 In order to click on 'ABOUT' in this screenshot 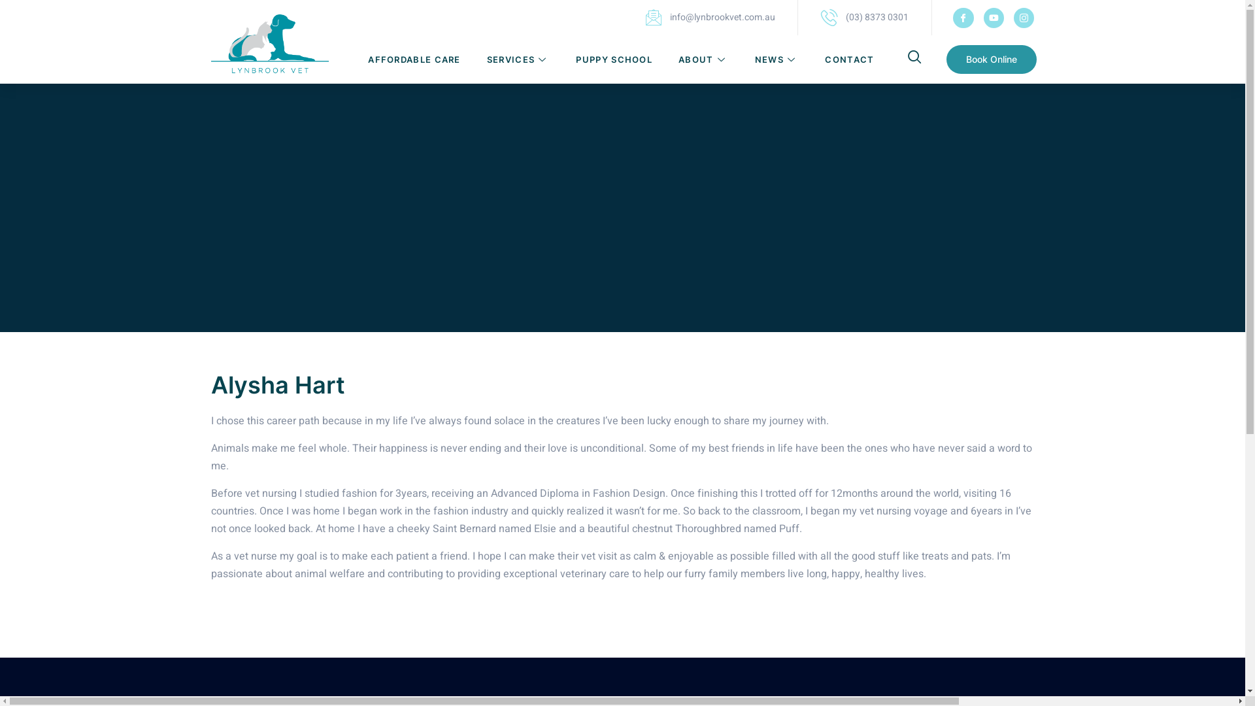, I will do `click(703, 59)`.